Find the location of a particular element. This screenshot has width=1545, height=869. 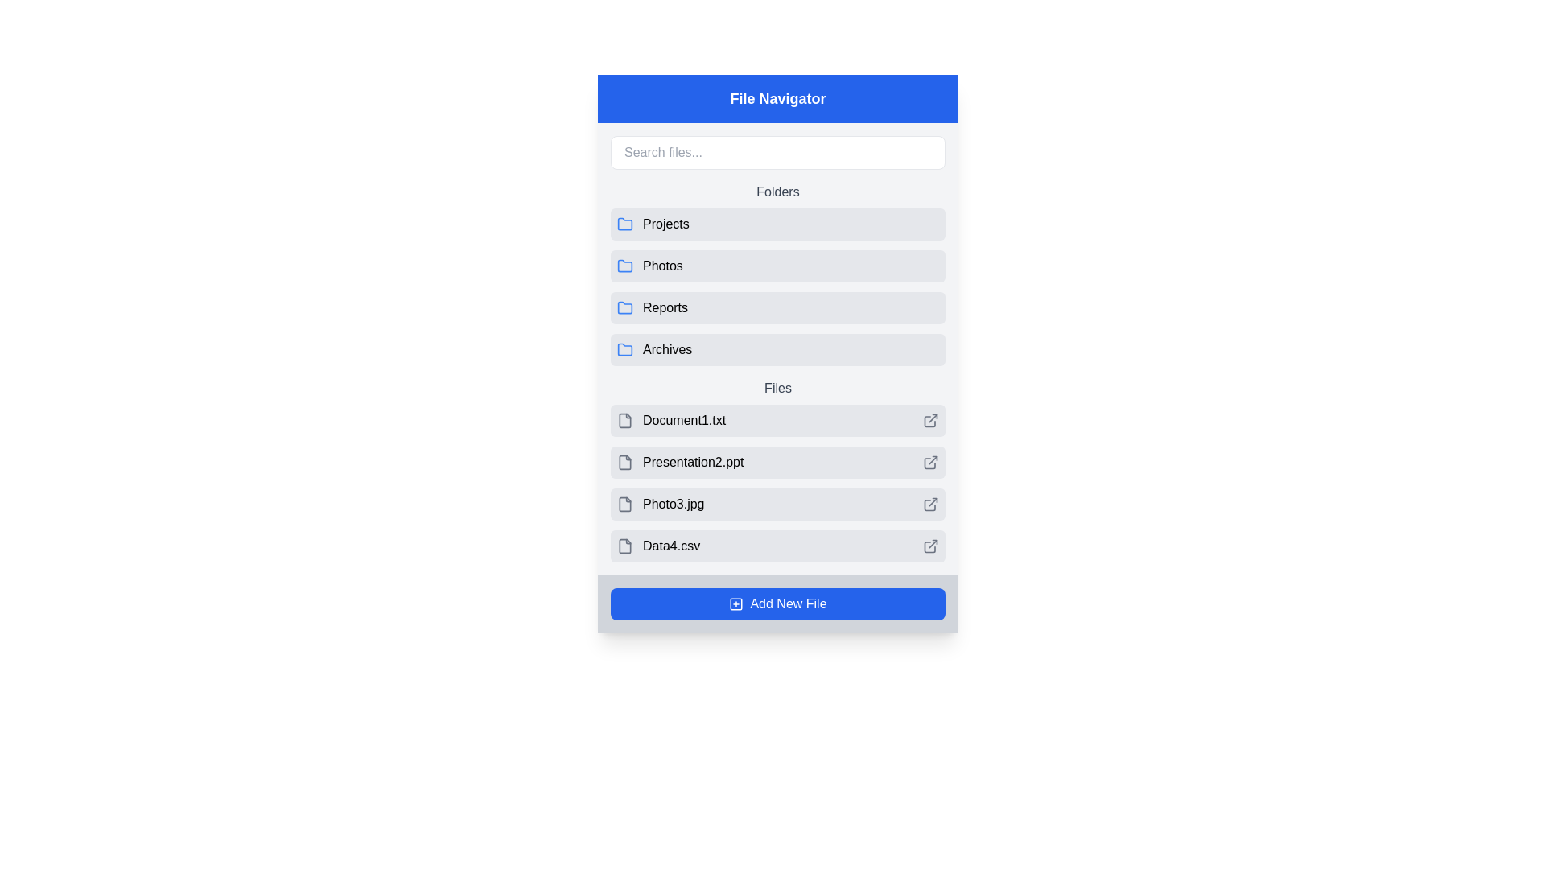

the file icon next to the label 'Photo3.jpg' in the 'Files' section is located at coordinates (624, 504).